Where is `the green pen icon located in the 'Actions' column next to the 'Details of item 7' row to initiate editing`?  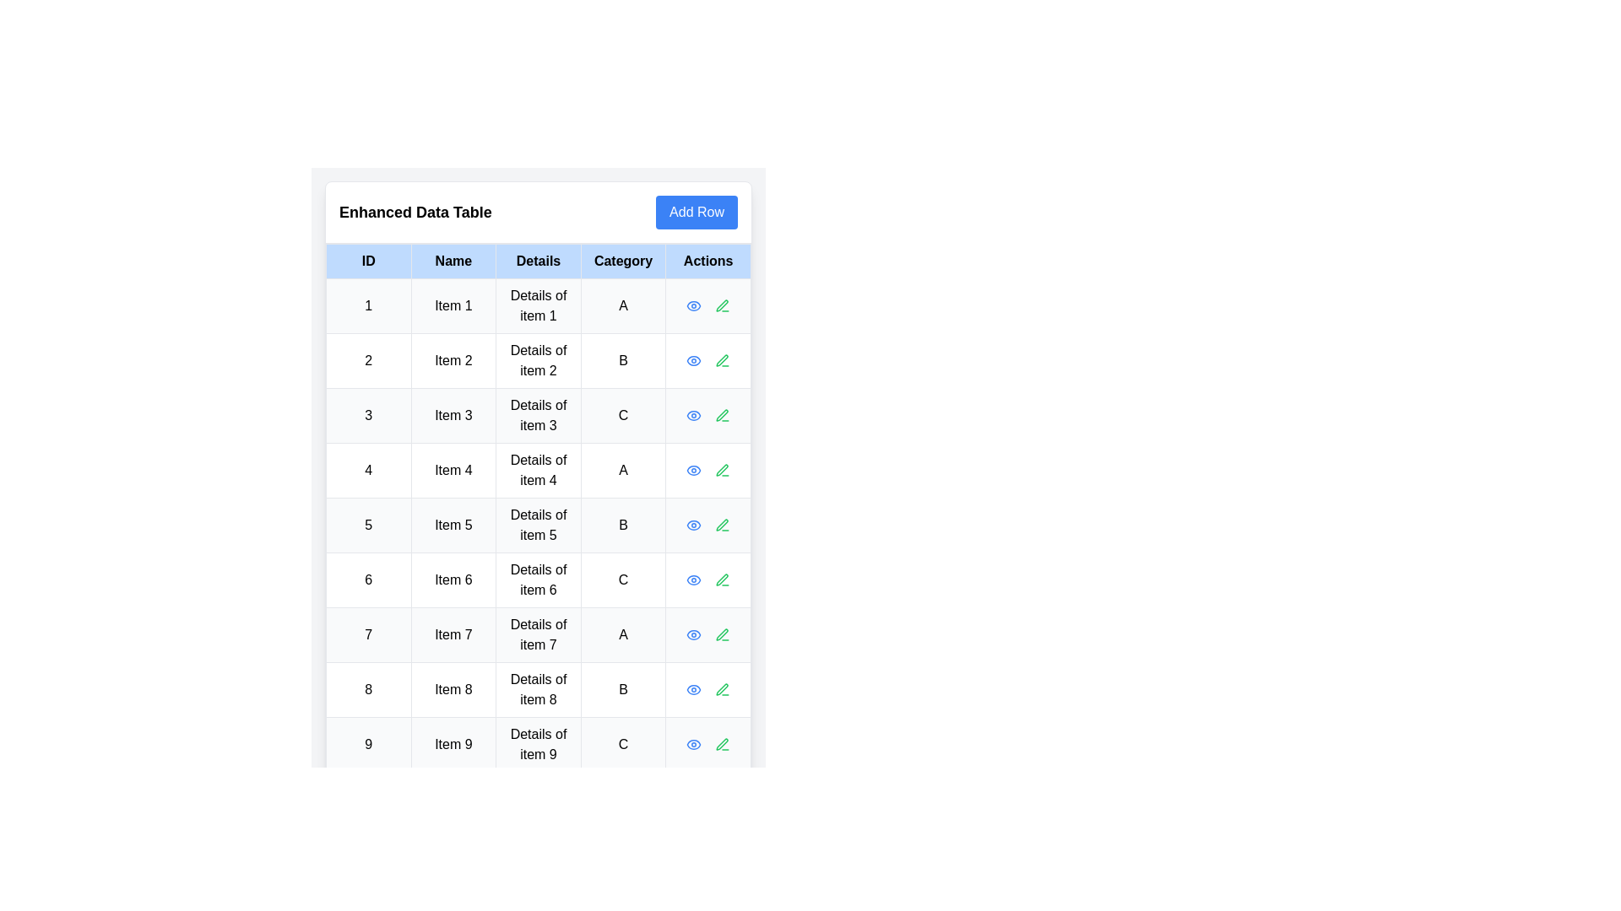
the green pen icon located in the 'Actions' column next to the 'Details of item 7' row to initiate editing is located at coordinates (723, 634).